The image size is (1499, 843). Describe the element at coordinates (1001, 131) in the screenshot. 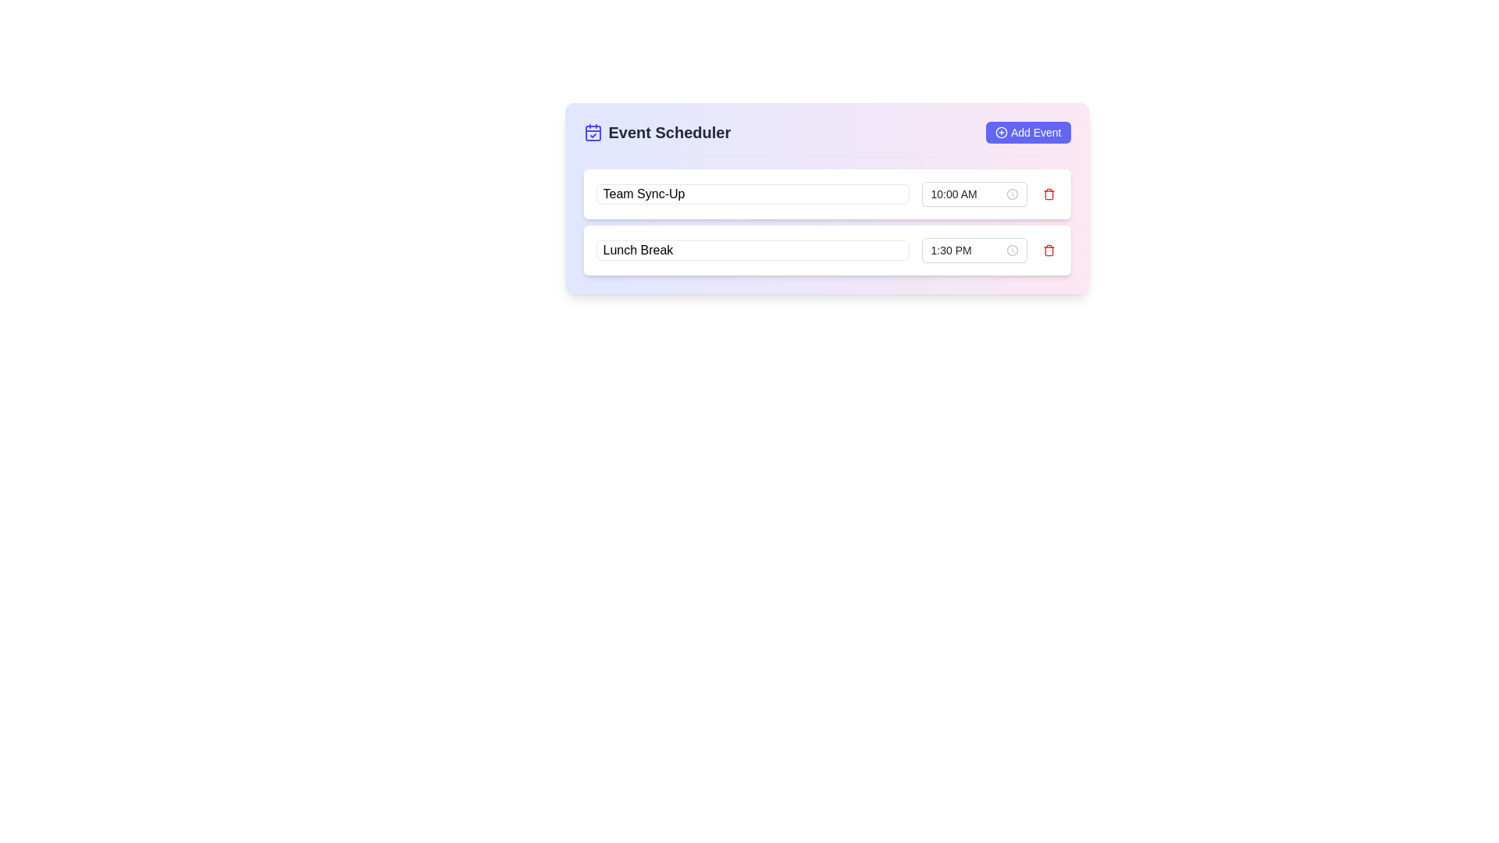

I see `the circular 'Add Event' button located in the top-right corner of the card interface, which features a blue background and an inner plus sign` at that location.